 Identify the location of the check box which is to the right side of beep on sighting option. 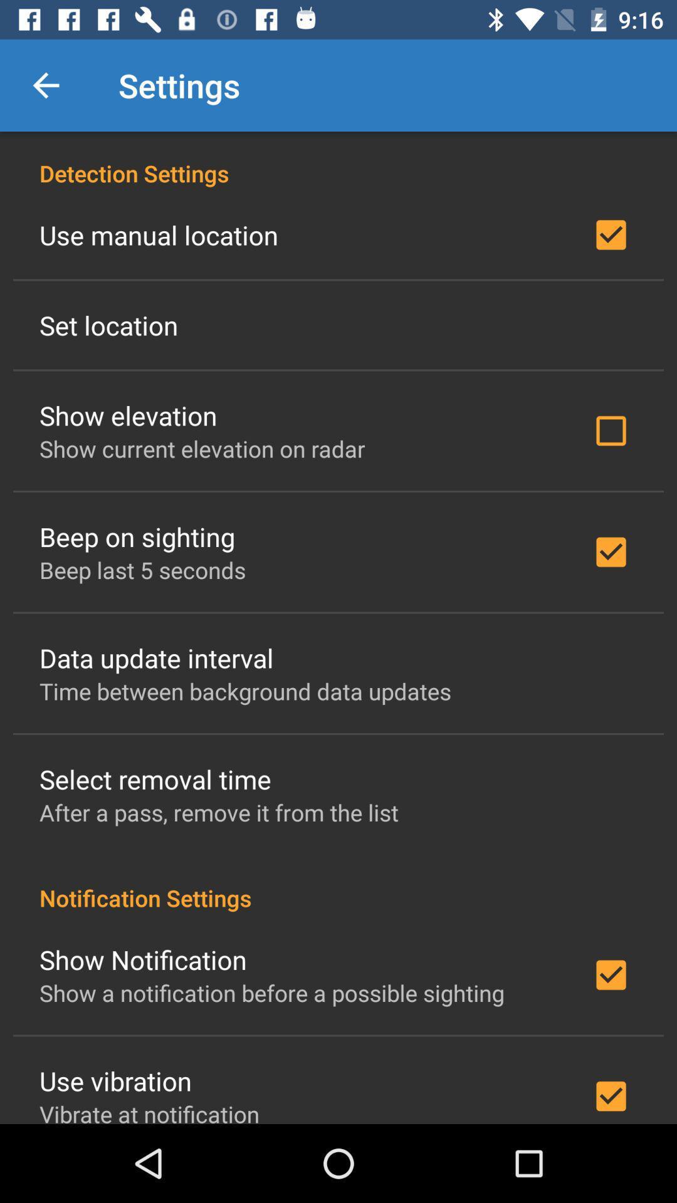
(611, 551).